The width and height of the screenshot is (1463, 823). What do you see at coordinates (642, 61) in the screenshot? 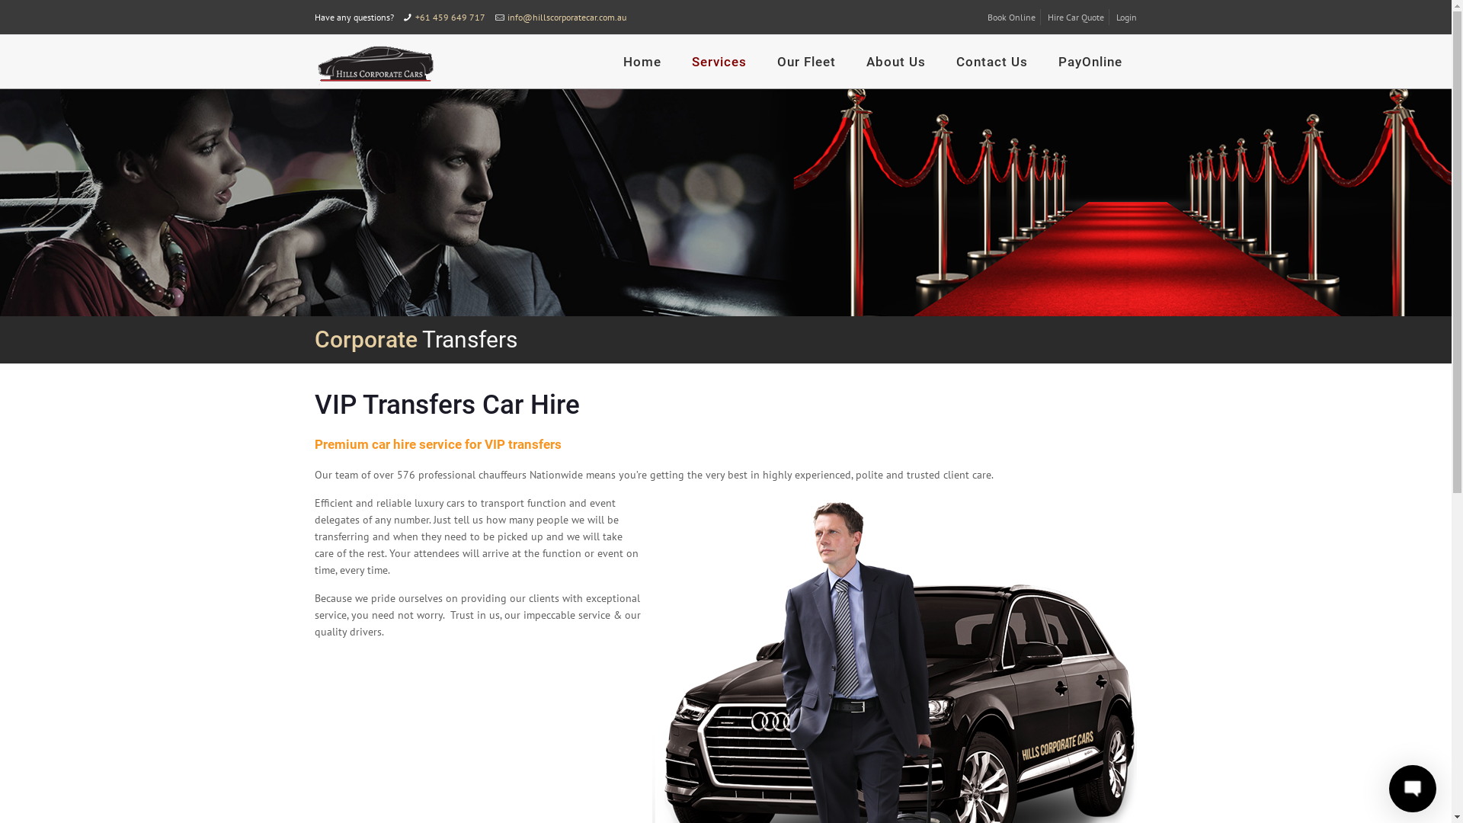
I see `'Home'` at bounding box center [642, 61].